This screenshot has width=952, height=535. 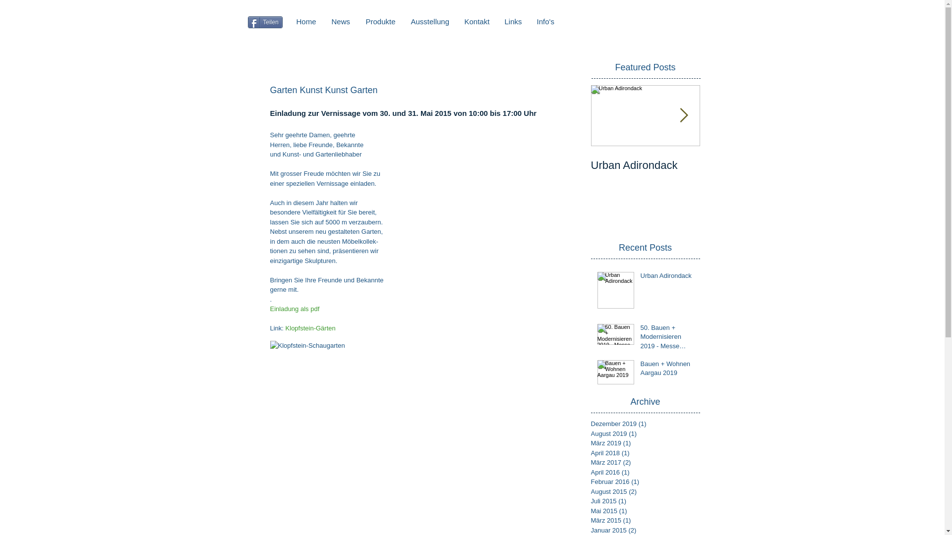 What do you see at coordinates (294, 308) in the screenshot?
I see `'Einladung als pdf'` at bounding box center [294, 308].